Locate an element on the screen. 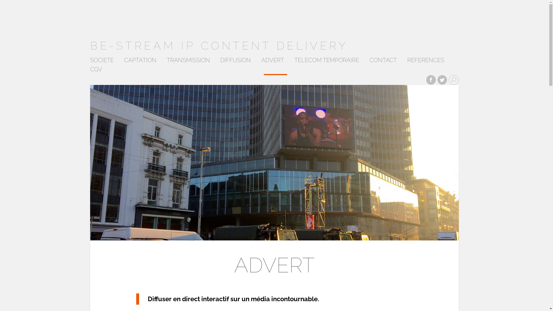  'REFERENCES' is located at coordinates (426, 61).